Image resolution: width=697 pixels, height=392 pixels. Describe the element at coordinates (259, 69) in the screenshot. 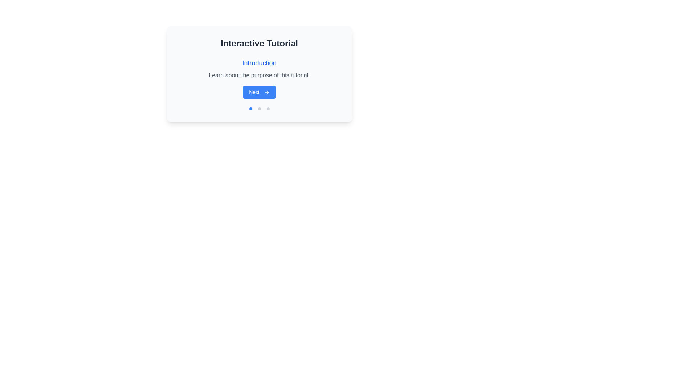

I see `the text block containing the heading 'Introduction' and subtext 'Learn about the purpose of this tutorial', which is centered in a white card below the title 'Interactive Tutorial'` at that location.